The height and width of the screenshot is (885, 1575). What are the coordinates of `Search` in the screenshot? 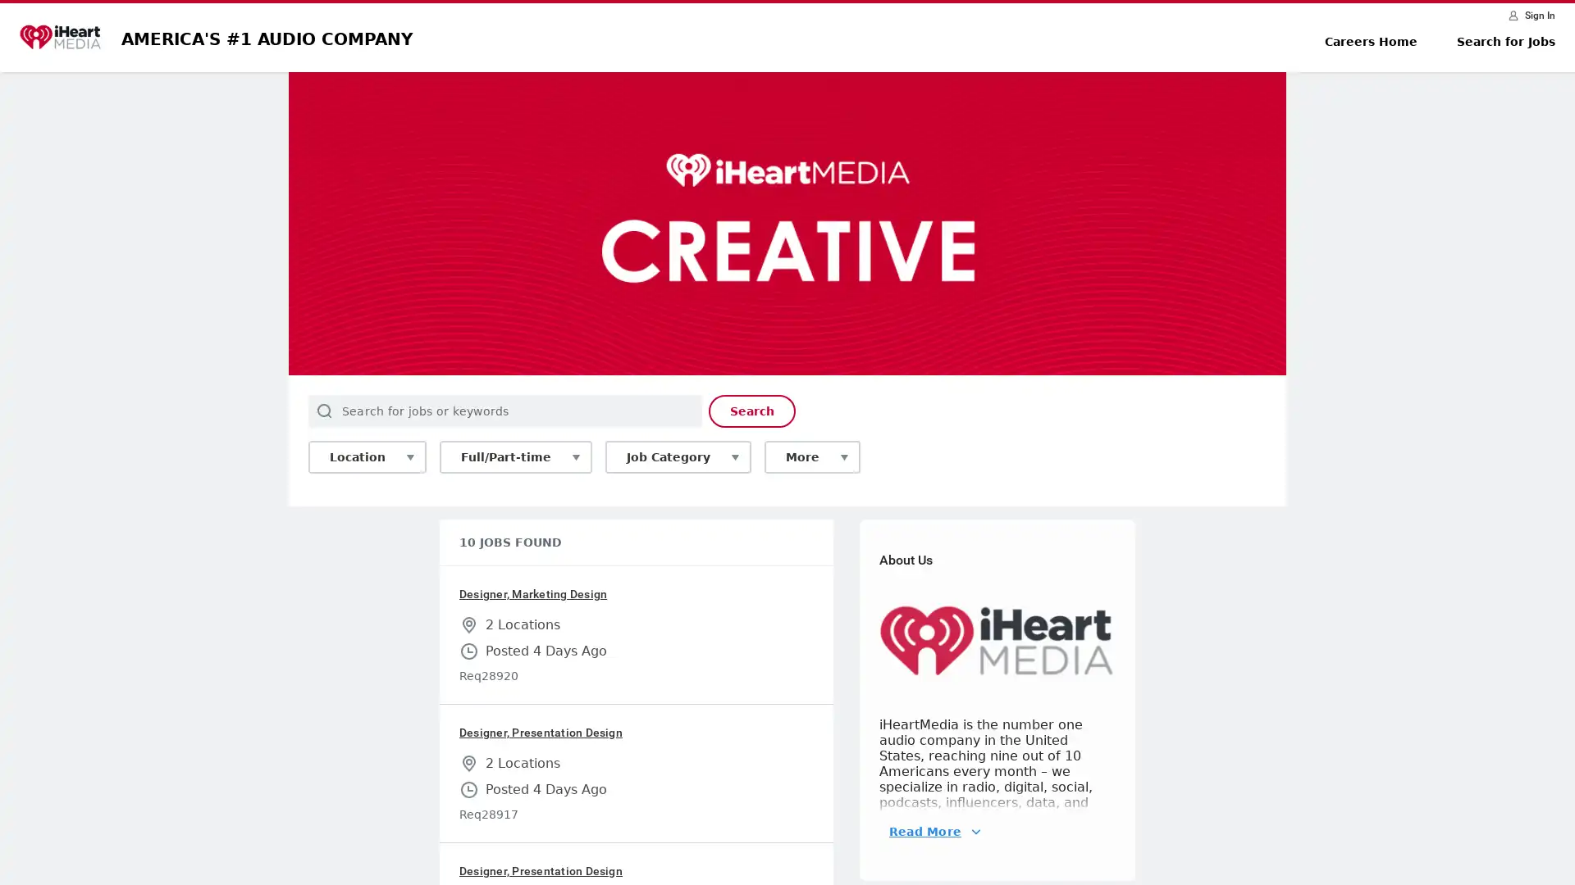 It's located at (747, 410).